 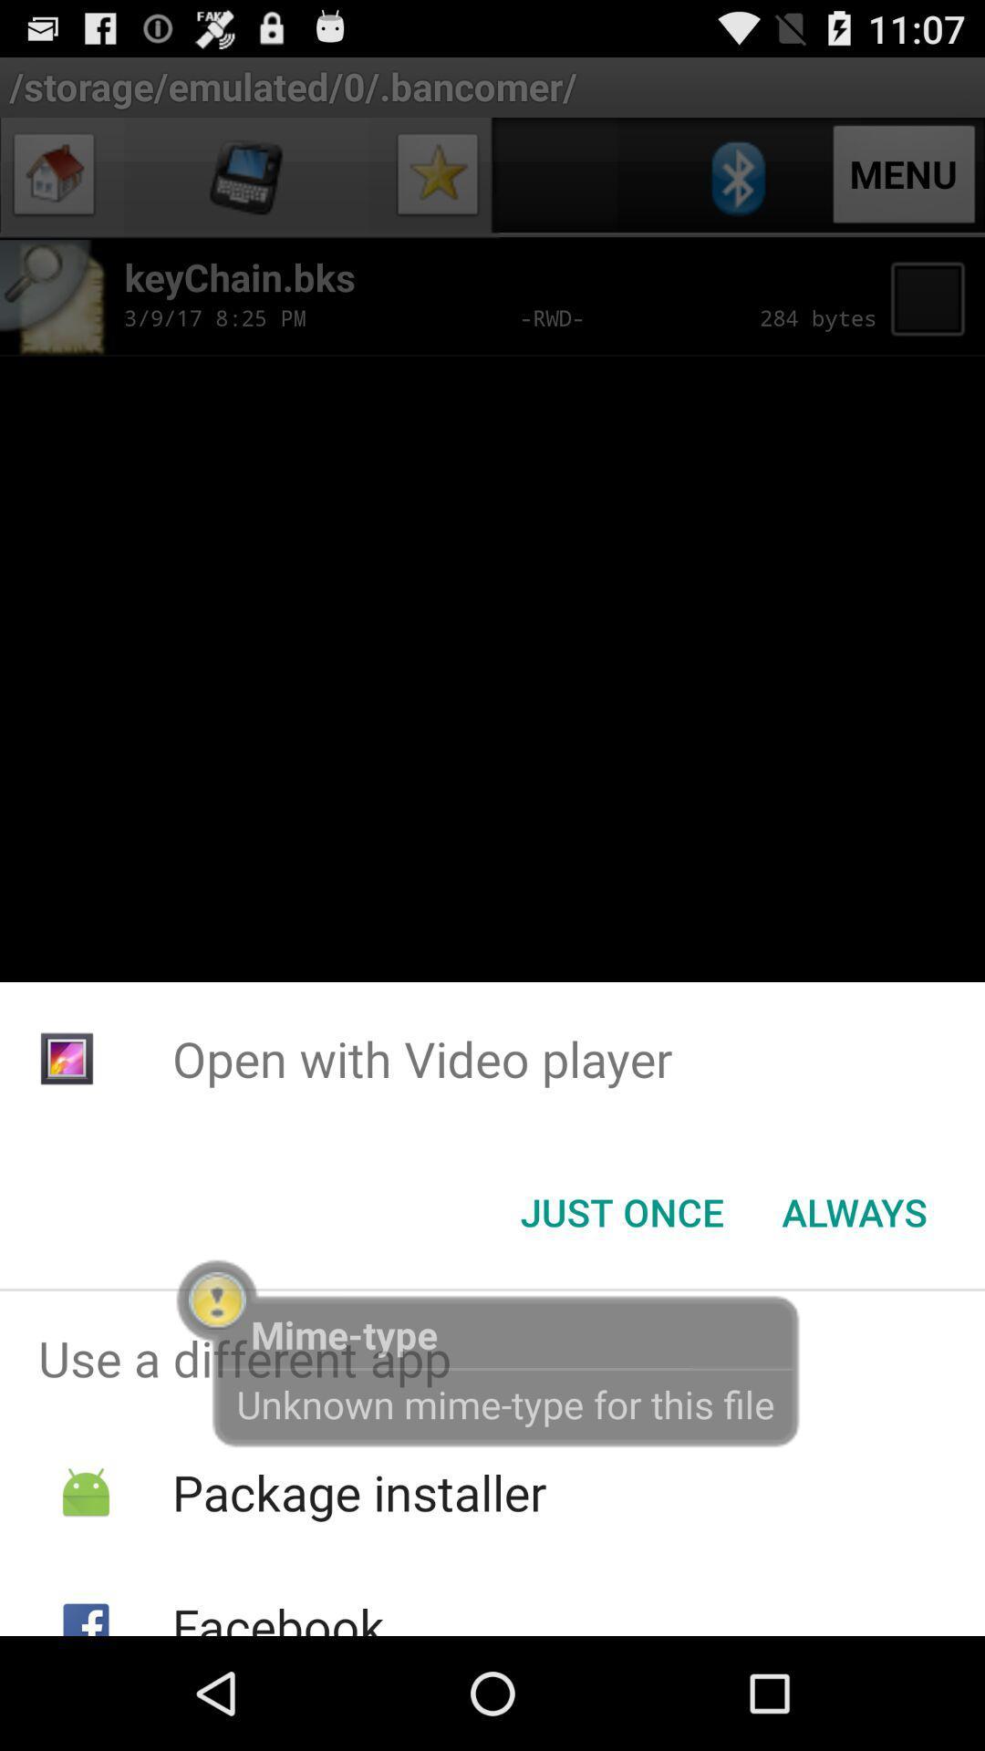 What do you see at coordinates (855, 1212) in the screenshot?
I see `always icon` at bounding box center [855, 1212].